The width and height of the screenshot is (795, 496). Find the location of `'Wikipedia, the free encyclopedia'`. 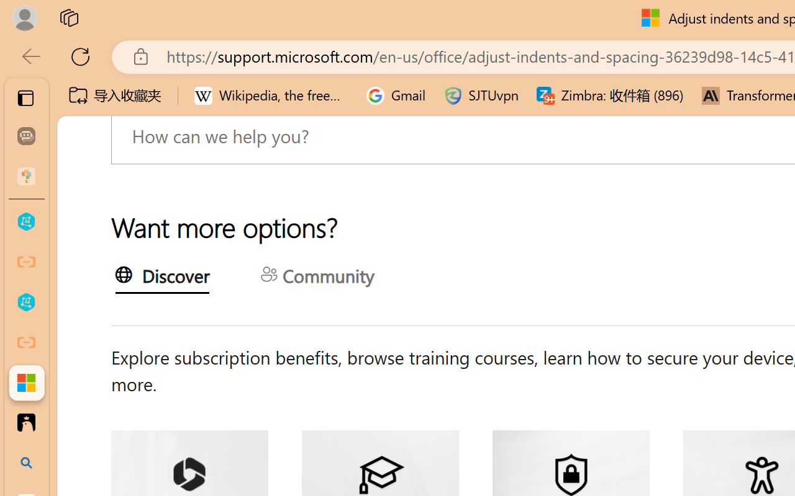

'Wikipedia, the free encyclopedia' is located at coordinates (271, 95).